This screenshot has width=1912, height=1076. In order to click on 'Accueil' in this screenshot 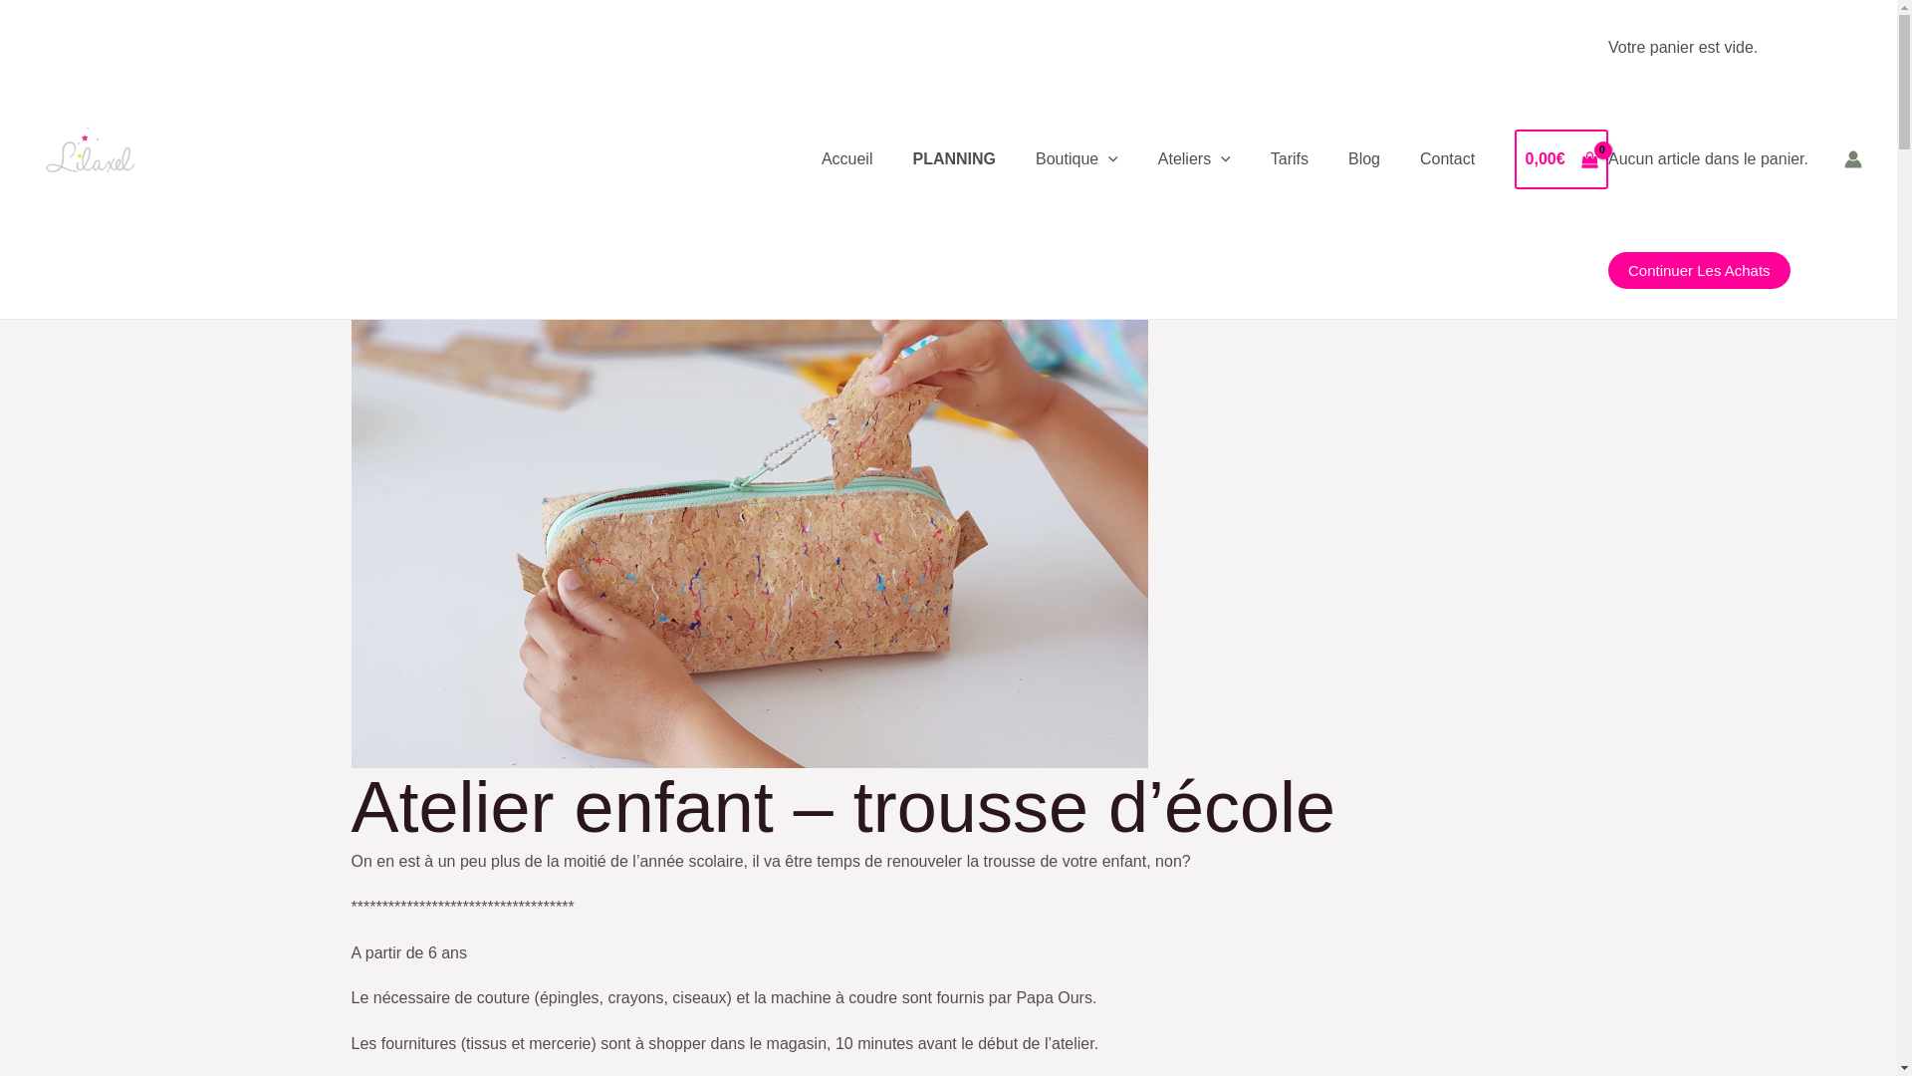, I will do `click(802, 157)`.